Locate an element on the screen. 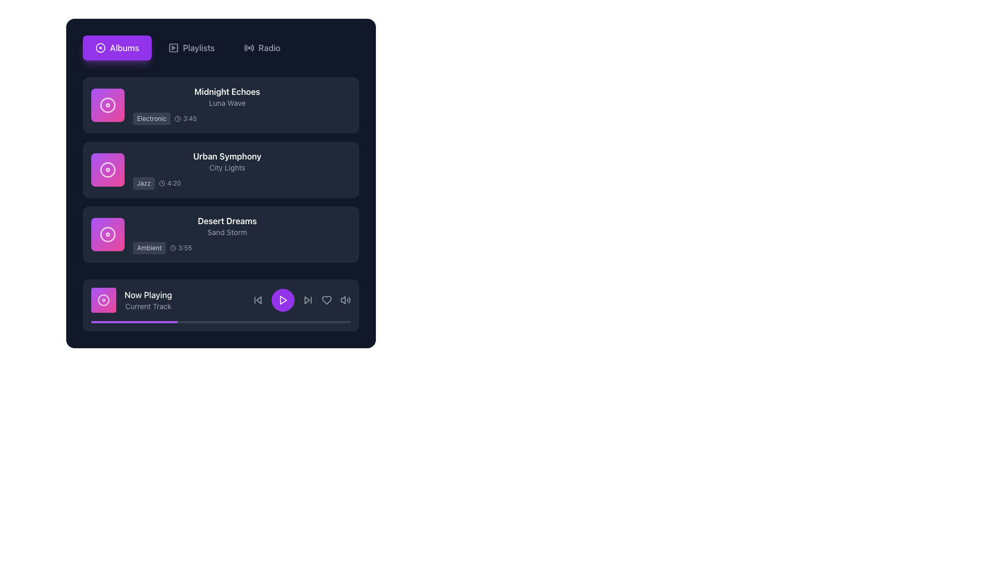 Image resolution: width=1001 pixels, height=563 pixels. the SVG circle located at the bottom-left corner of the 'Now Playing' section, which has a radius of approximately 10 units and features a white boundary with a solid fill is located at coordinates (103, 300).